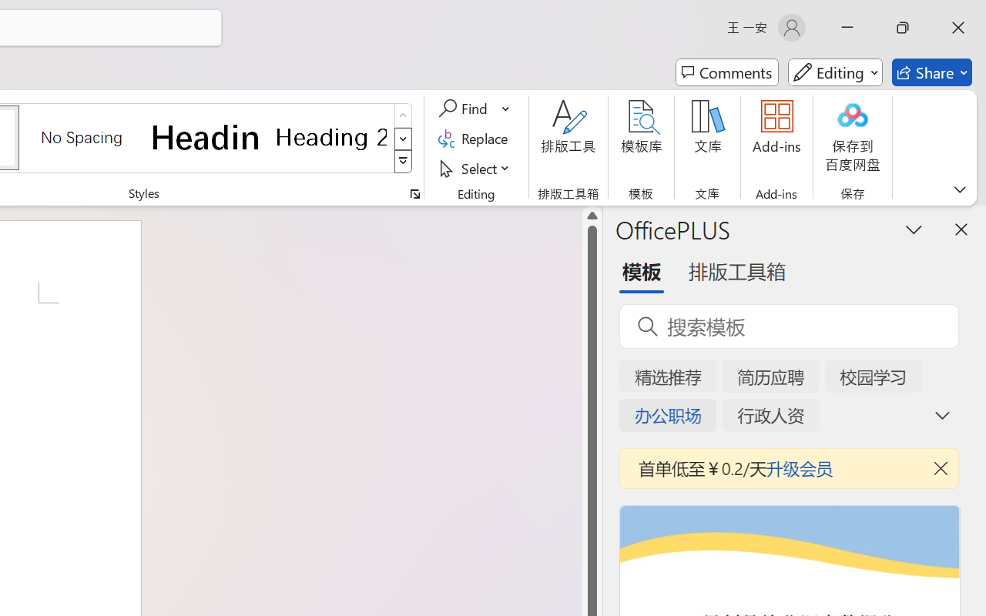 The width and height of the screenshot is (986, 616). What do you see at coordinates (475, 138) in the screenshot?
I see `'Replace...'` at bounding box center [475, 138].